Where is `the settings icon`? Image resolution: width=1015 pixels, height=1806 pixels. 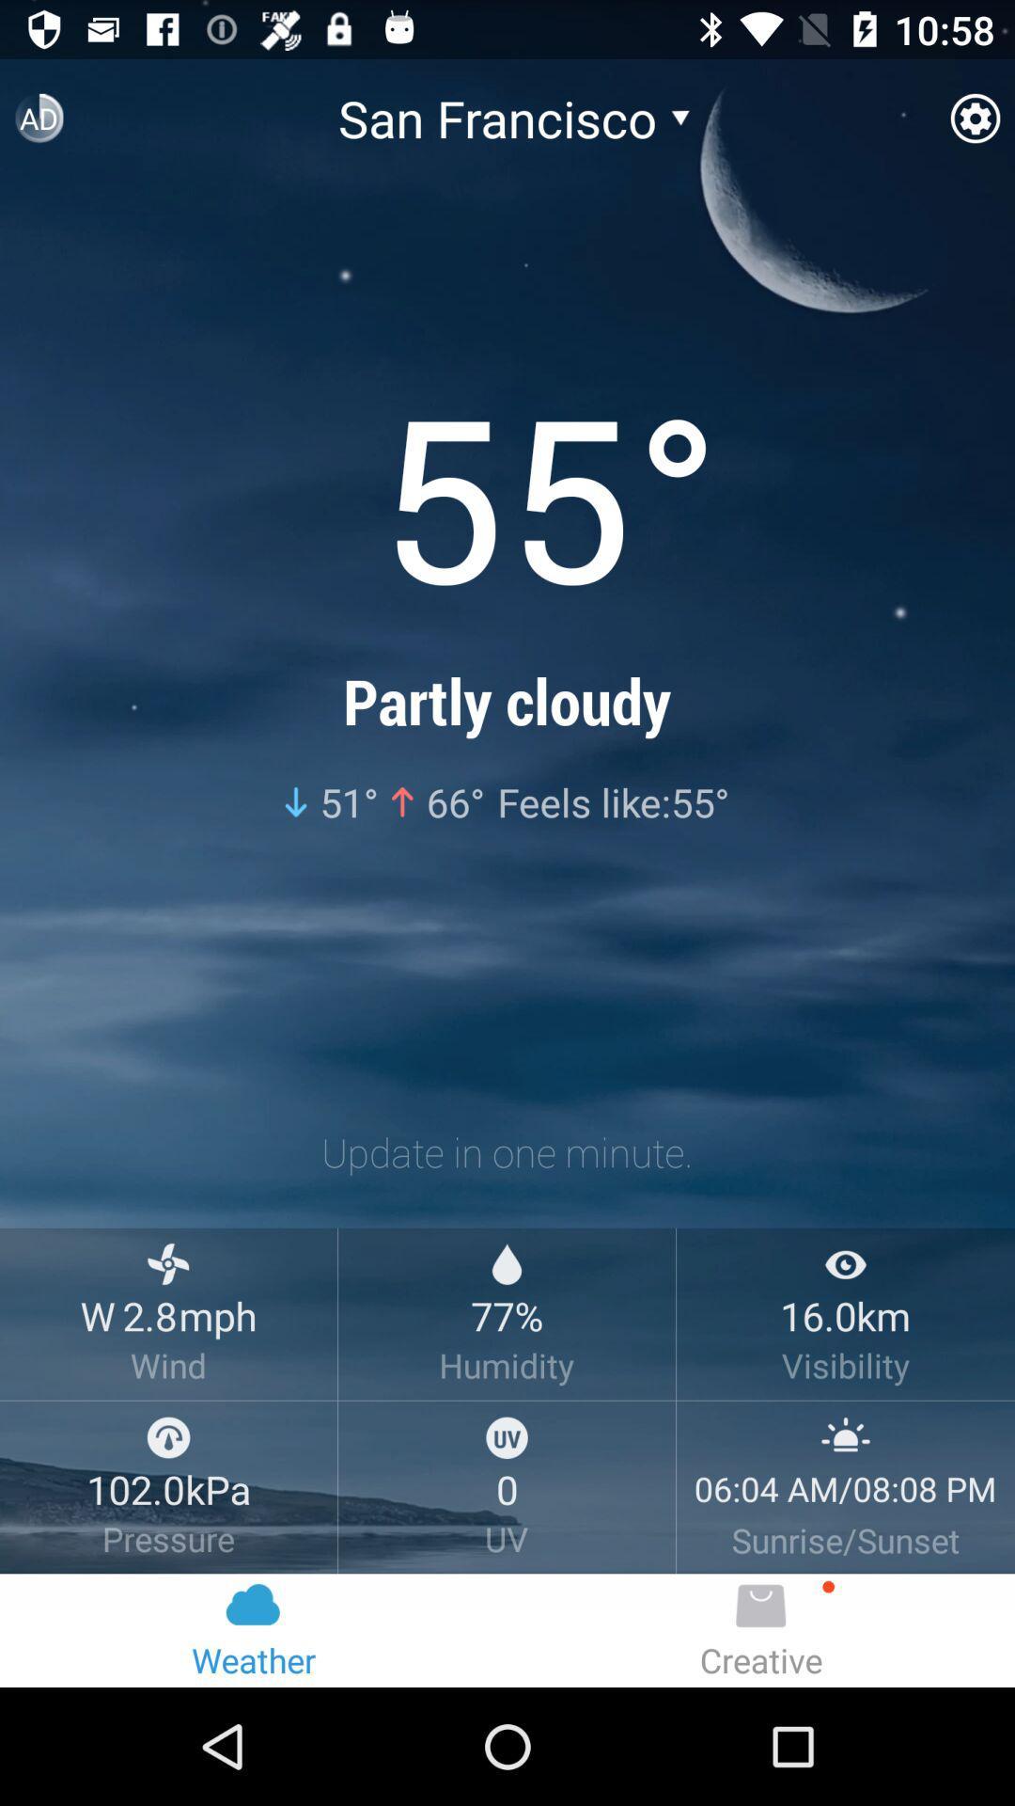
the settings icon is located at coordinates (974, 125).